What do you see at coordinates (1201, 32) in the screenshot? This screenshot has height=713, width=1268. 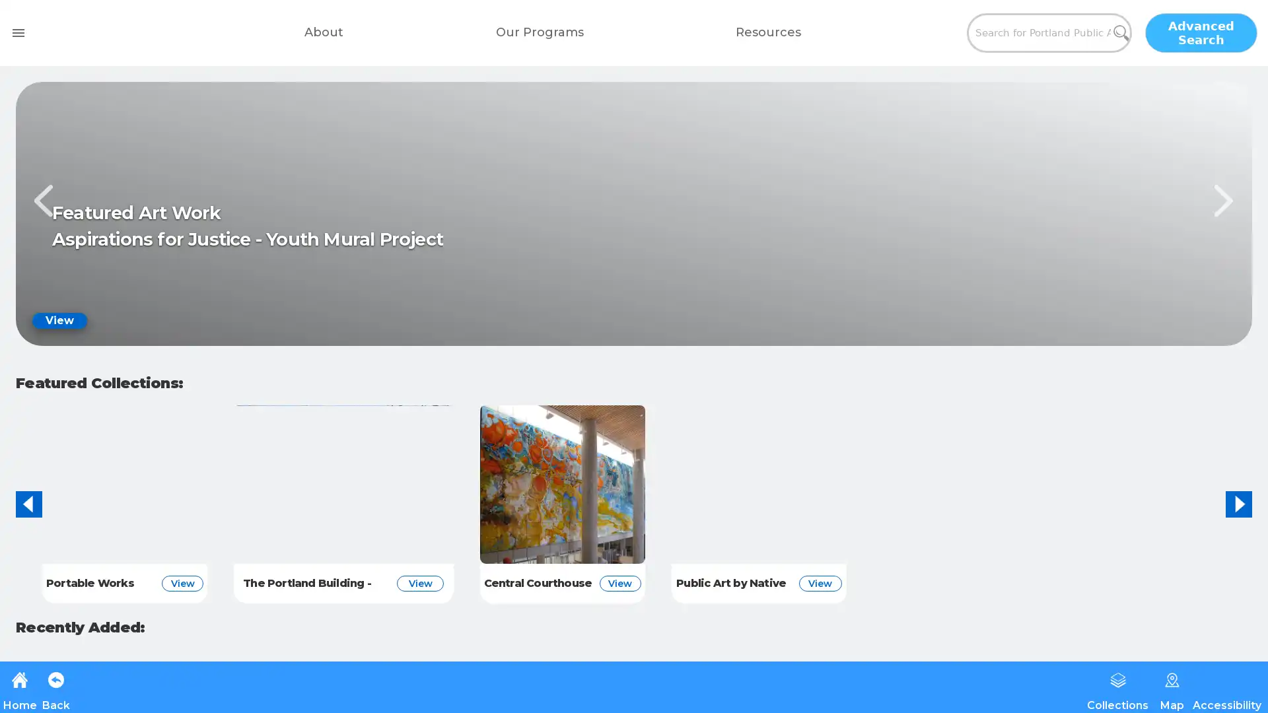 I see `Advanced Search` at bounding box center [1201, 32].